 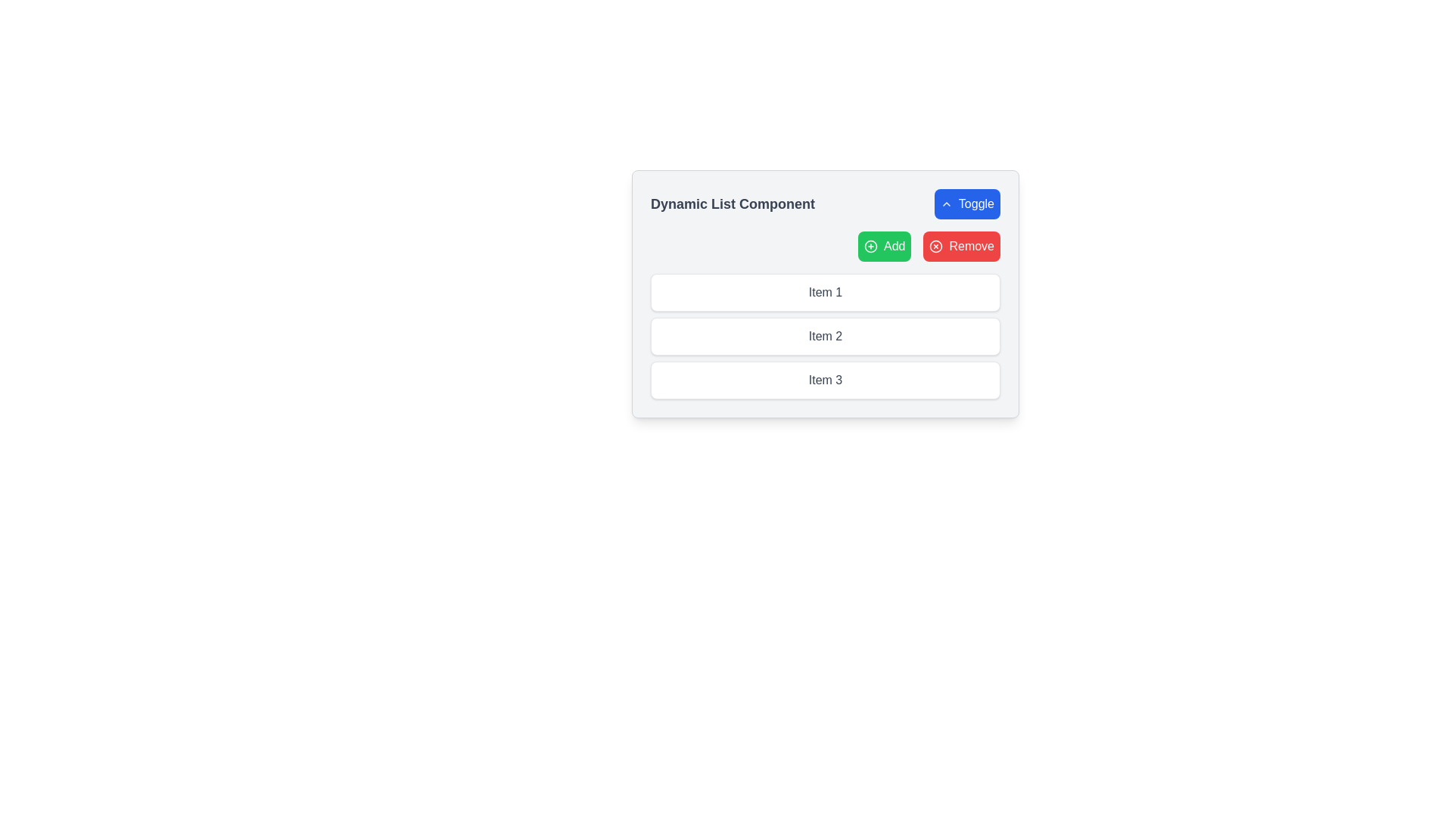 What do you see at coordinates (885, 246) in the screenshot?
I see `the 'Add' button, which is a rectangular button with a green background and white text, located at the bottom right of the 'Dynamic List Component'` at bounding box center [885, 246].